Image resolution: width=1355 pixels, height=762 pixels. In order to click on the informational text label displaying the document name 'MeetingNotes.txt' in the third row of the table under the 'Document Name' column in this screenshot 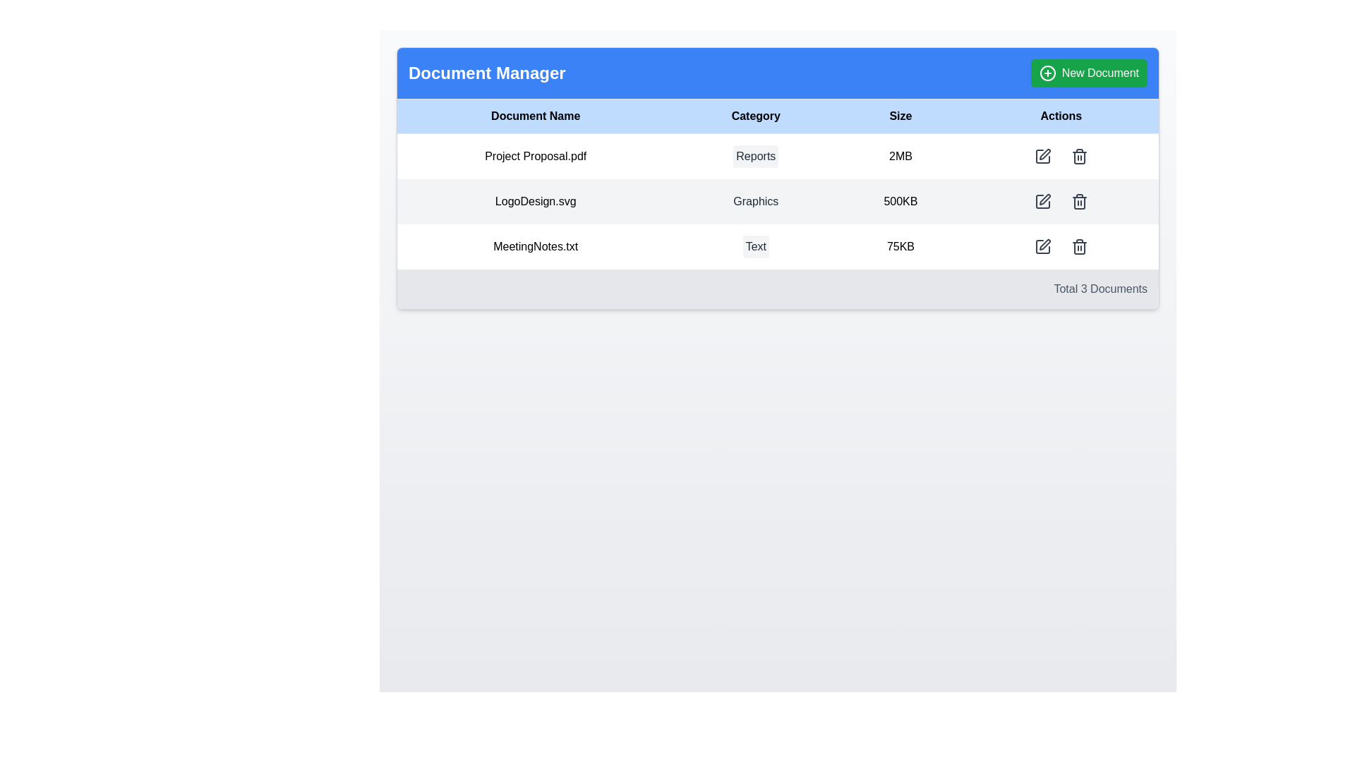, I will do `click(535, 246)`.